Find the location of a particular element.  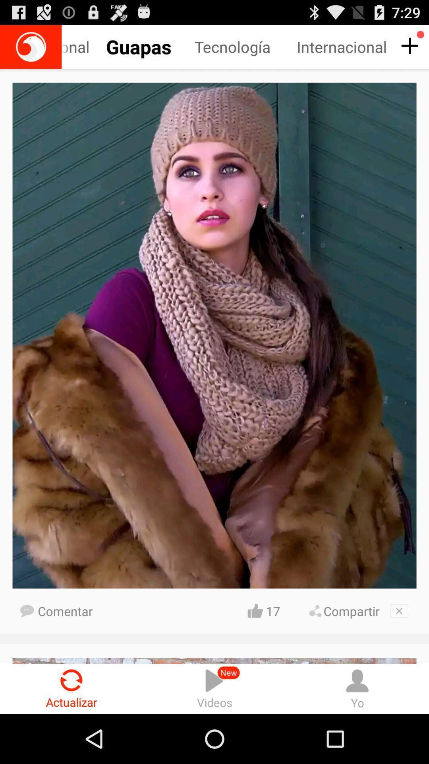

the plus icon below 729 is located at coordinates (408, 46).